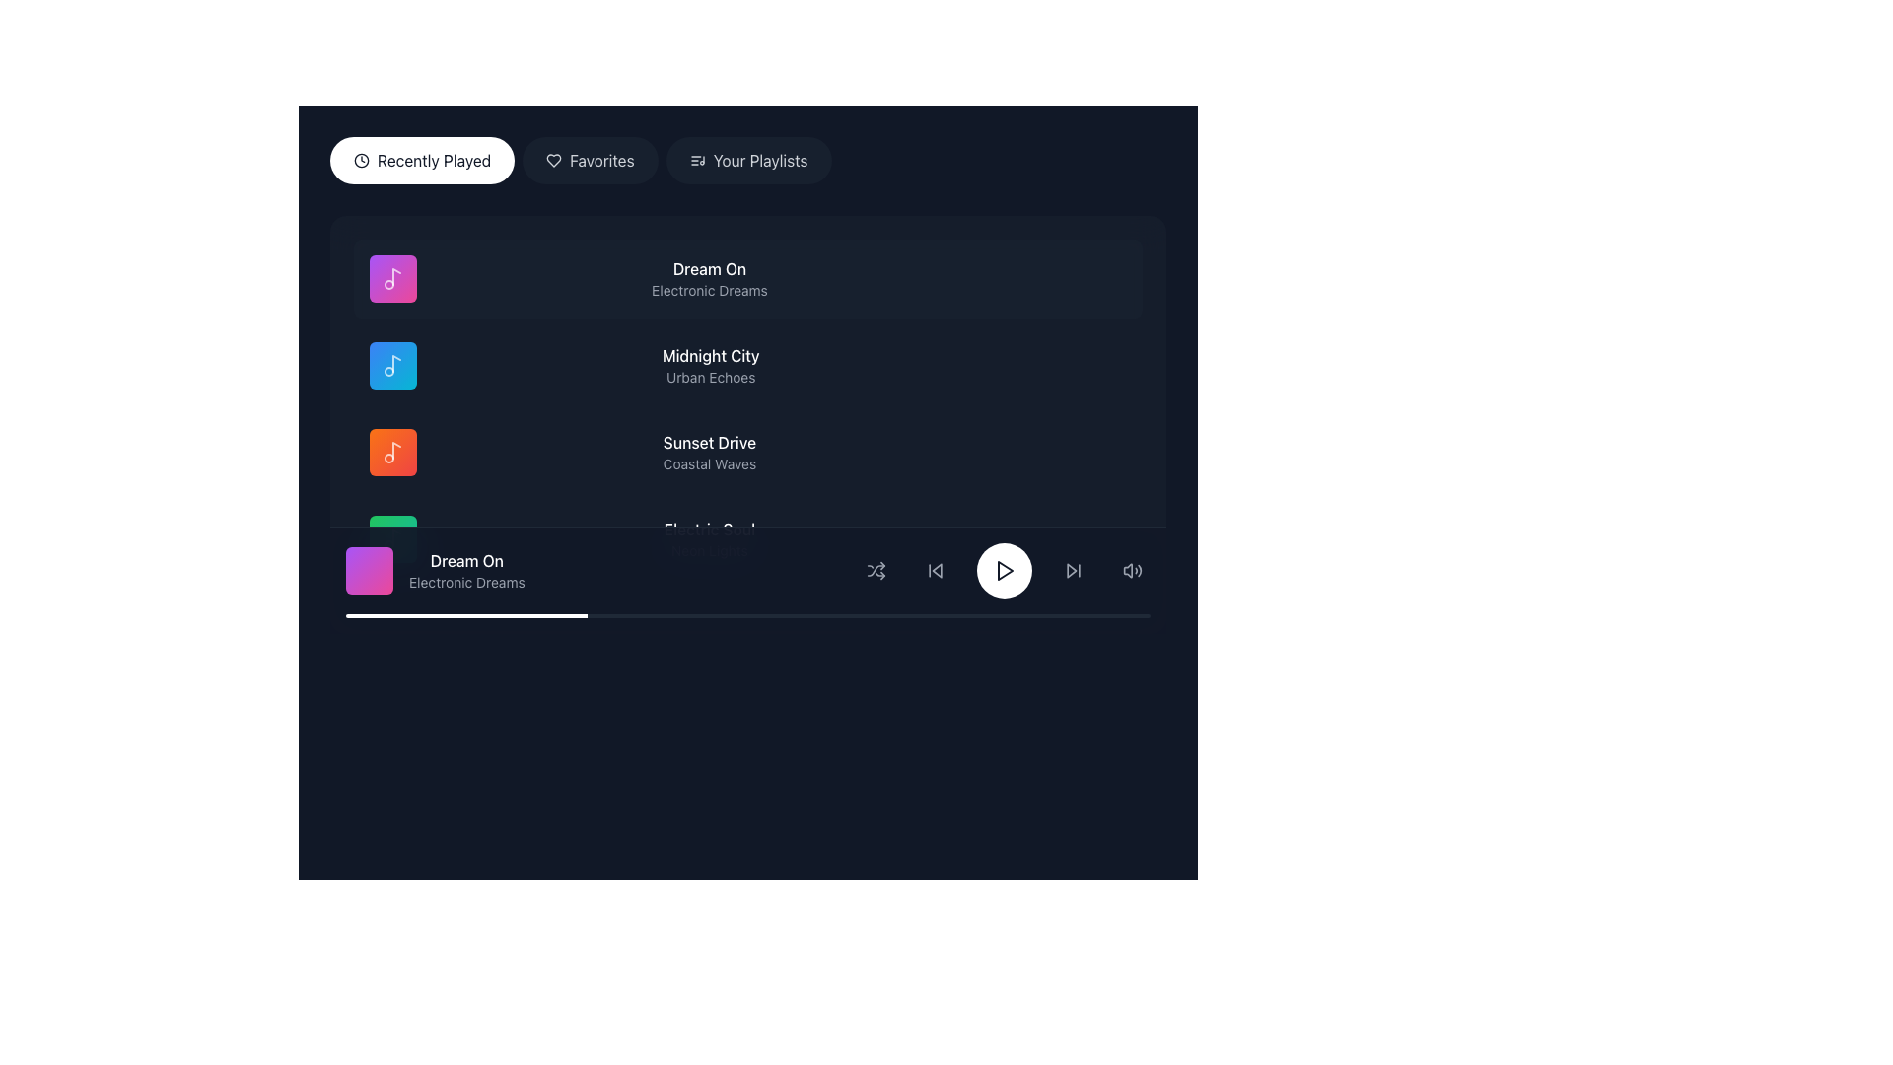 The height and width of the screenshot is (1065, 1893). I want to click on the circular button with a backward triangular arrow icon to skip to the previous track, so click(935, 570).